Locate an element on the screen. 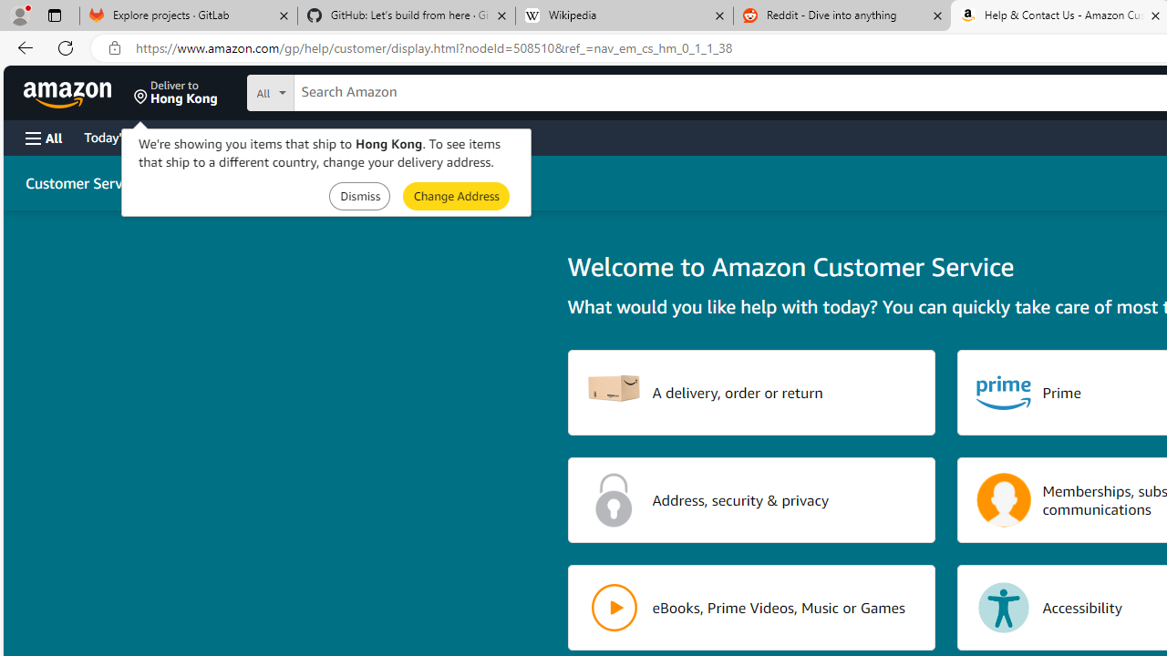 This screenshot has height=656, width=1167. 'A delivery, order or return' is located at coordinates (751, 391).